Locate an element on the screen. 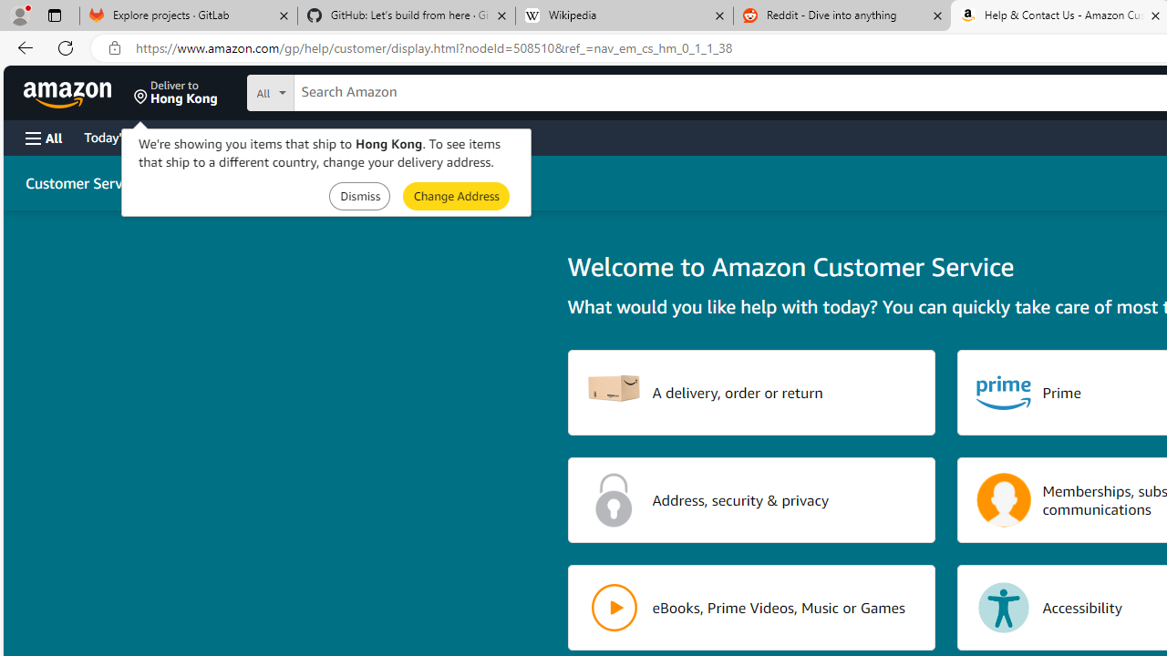 This screenshot has height=656, width=1167. 'A delivery, order or return' is located at coordinates (751, 391).